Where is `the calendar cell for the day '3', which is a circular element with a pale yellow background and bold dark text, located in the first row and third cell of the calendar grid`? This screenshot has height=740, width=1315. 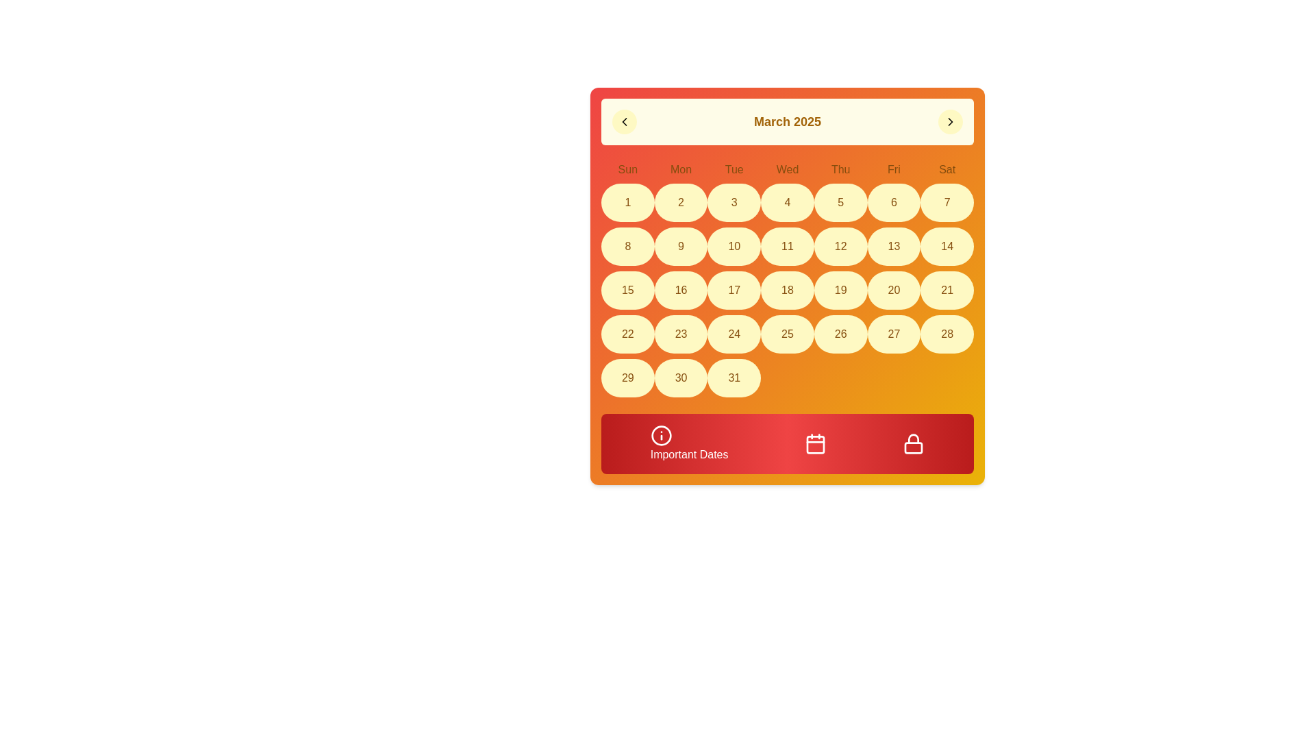
the calendar cell for the day '3', which is a circular element with a pale yellow background and bold dark text, located in the first row and third cell of the calendar grid is located at coordinates (734, 203).